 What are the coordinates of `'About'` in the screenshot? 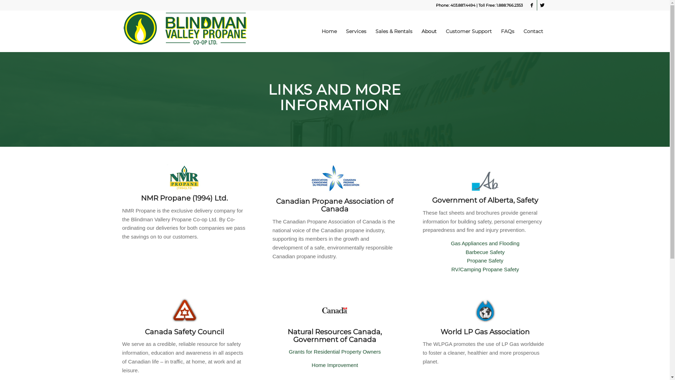 It's located at (429, 31).